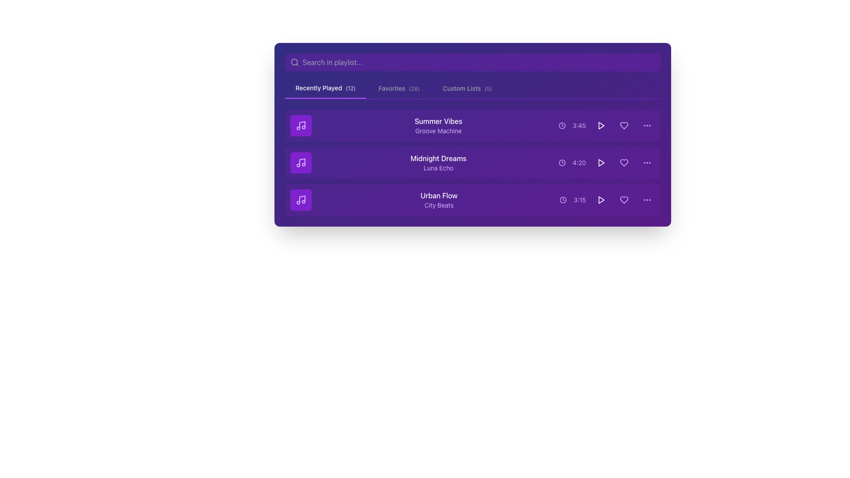  I want to click on the right-pointing play icon button, which is a triangular shape with rounded edges, styled in white on a dark purple background, located near the far right of the third row associated with the song title 'Urban Flow', so click(601, 200).